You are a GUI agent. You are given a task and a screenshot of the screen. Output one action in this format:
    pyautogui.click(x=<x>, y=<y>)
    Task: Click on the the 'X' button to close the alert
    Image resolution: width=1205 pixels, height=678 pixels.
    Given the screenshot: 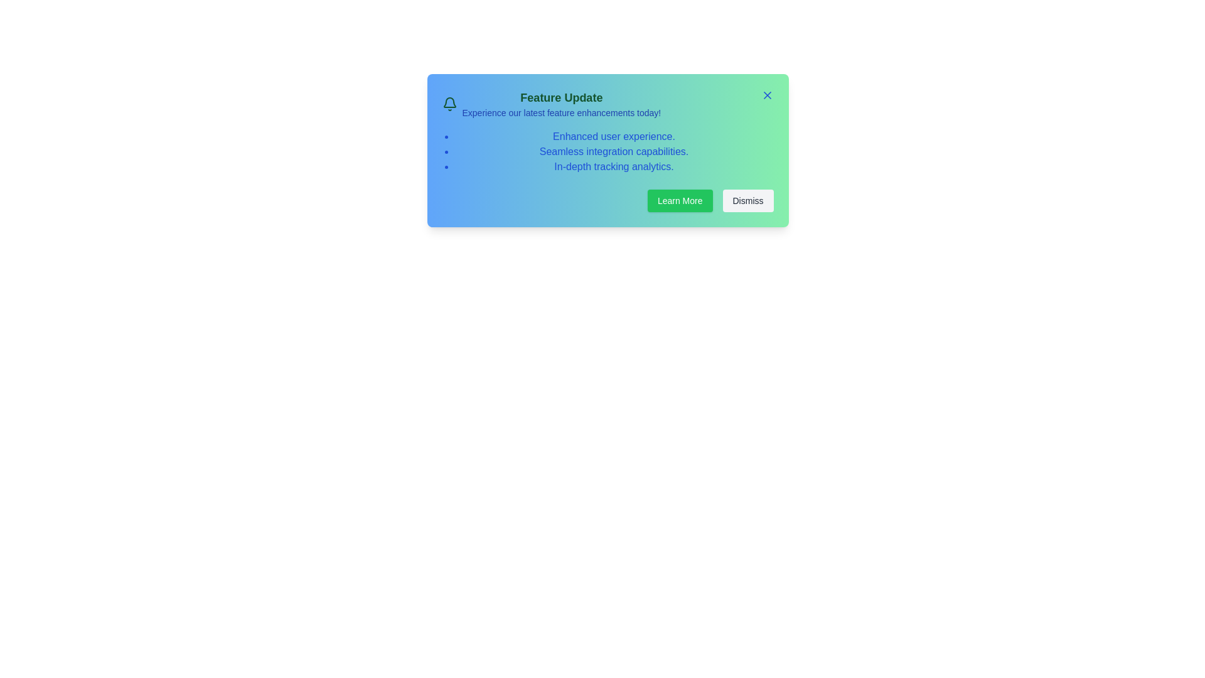 What is the action you would take?
    pyautogui.click(x=766, y=94)
    